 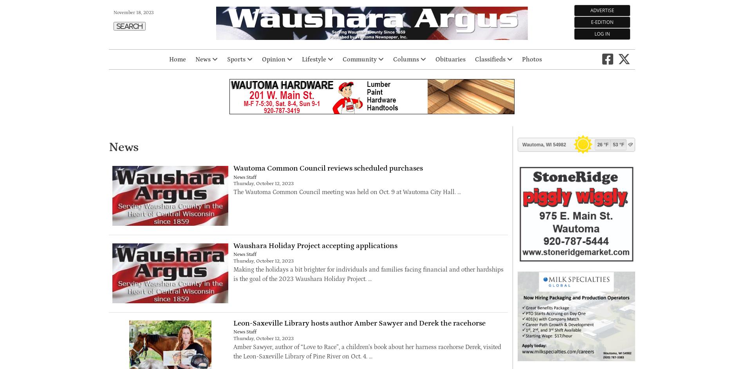 What do you see at coordinates (133, 13) in the screenshot?
I see `'November 18, 2023'` at bounding box center [133, 13].